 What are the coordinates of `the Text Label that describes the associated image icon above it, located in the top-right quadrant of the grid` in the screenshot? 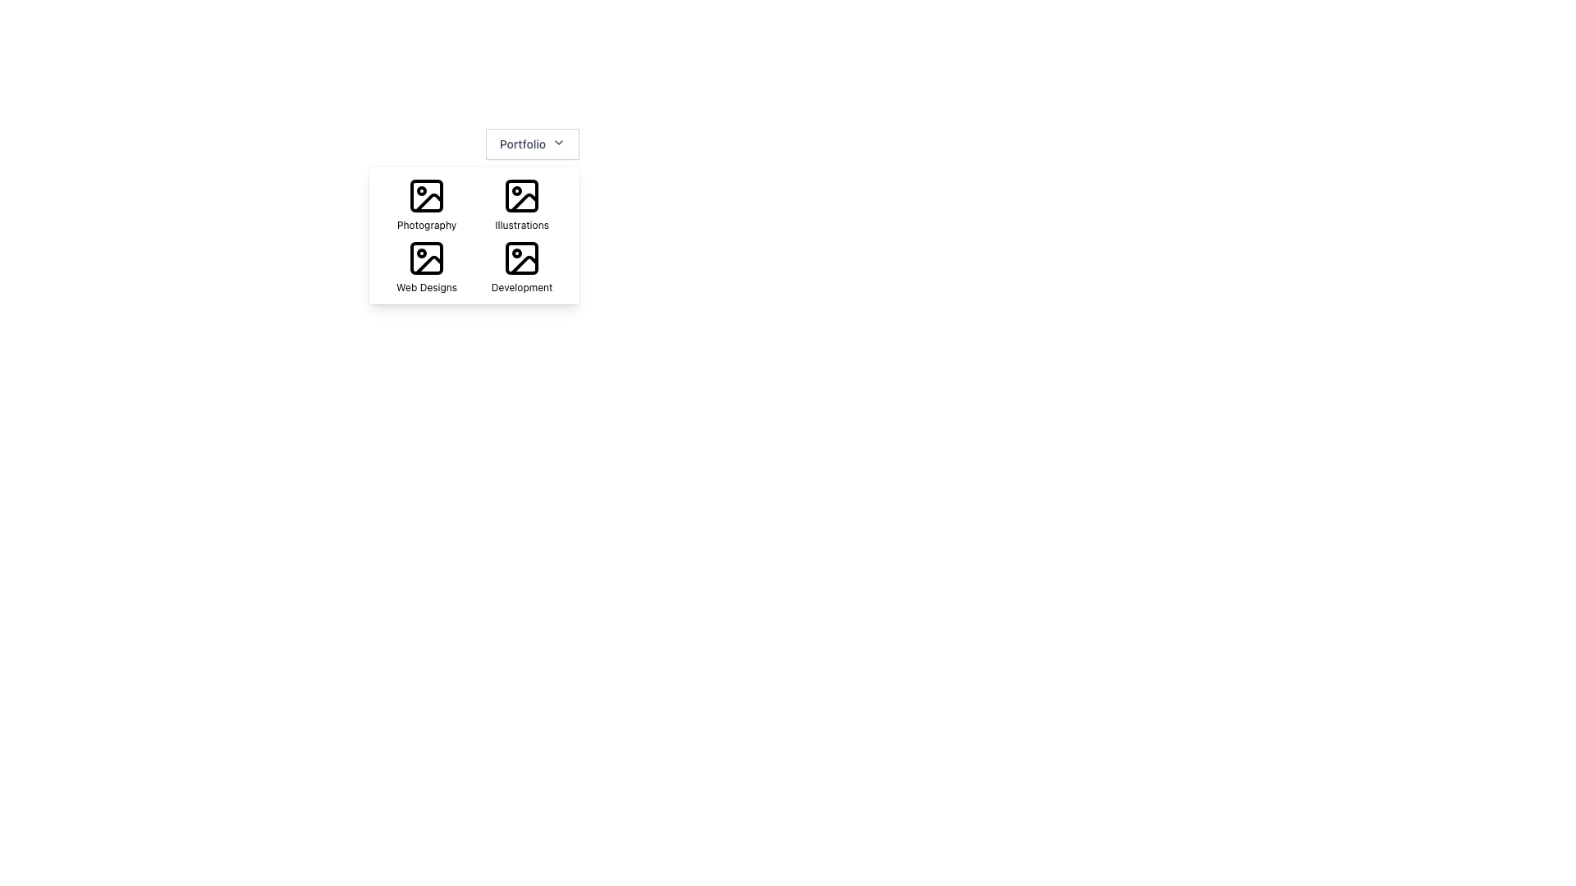 It's located at (521, 225).